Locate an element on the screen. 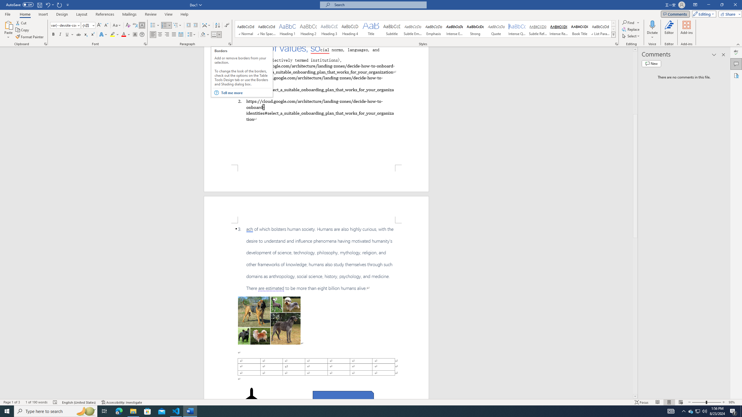 The height and width of the screenshot is (417, 742). 'Repeat Border Bottom' is located at coordinates (59, 4).